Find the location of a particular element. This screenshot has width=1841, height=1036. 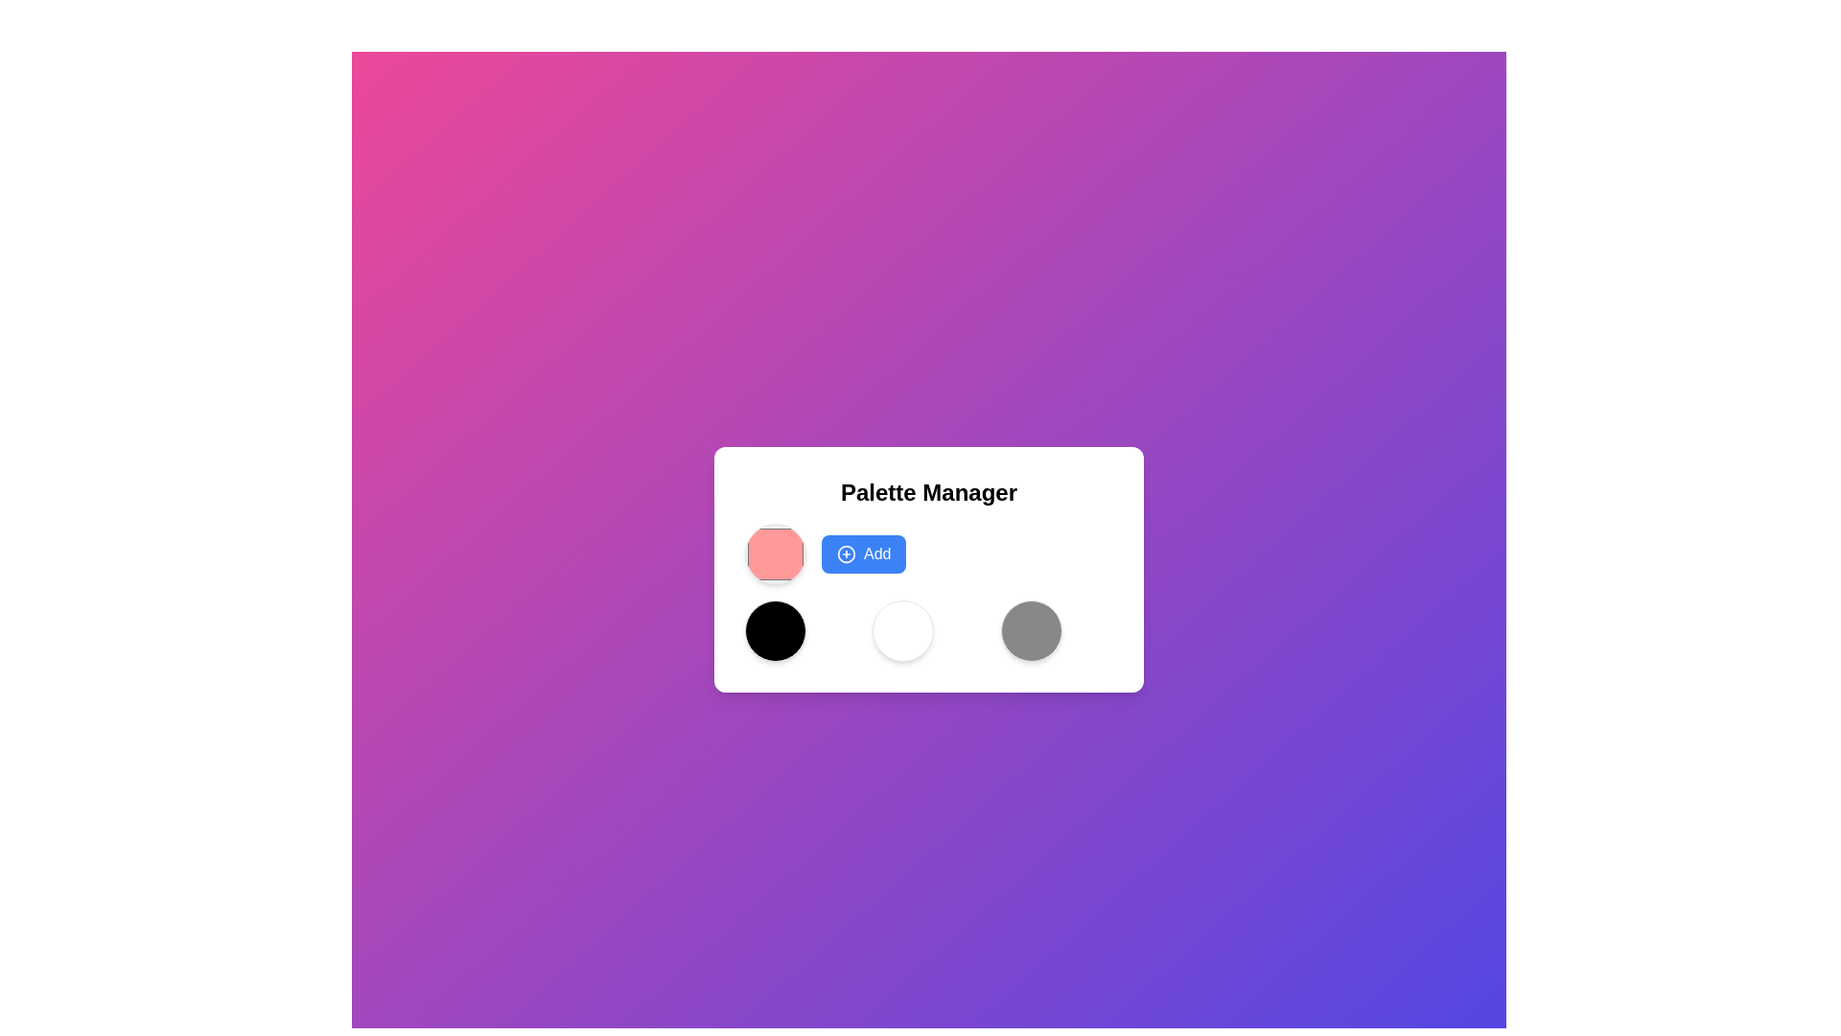

the prominent blue 'Add' button with white text and a plus icon is located at coordinates (863, 554).